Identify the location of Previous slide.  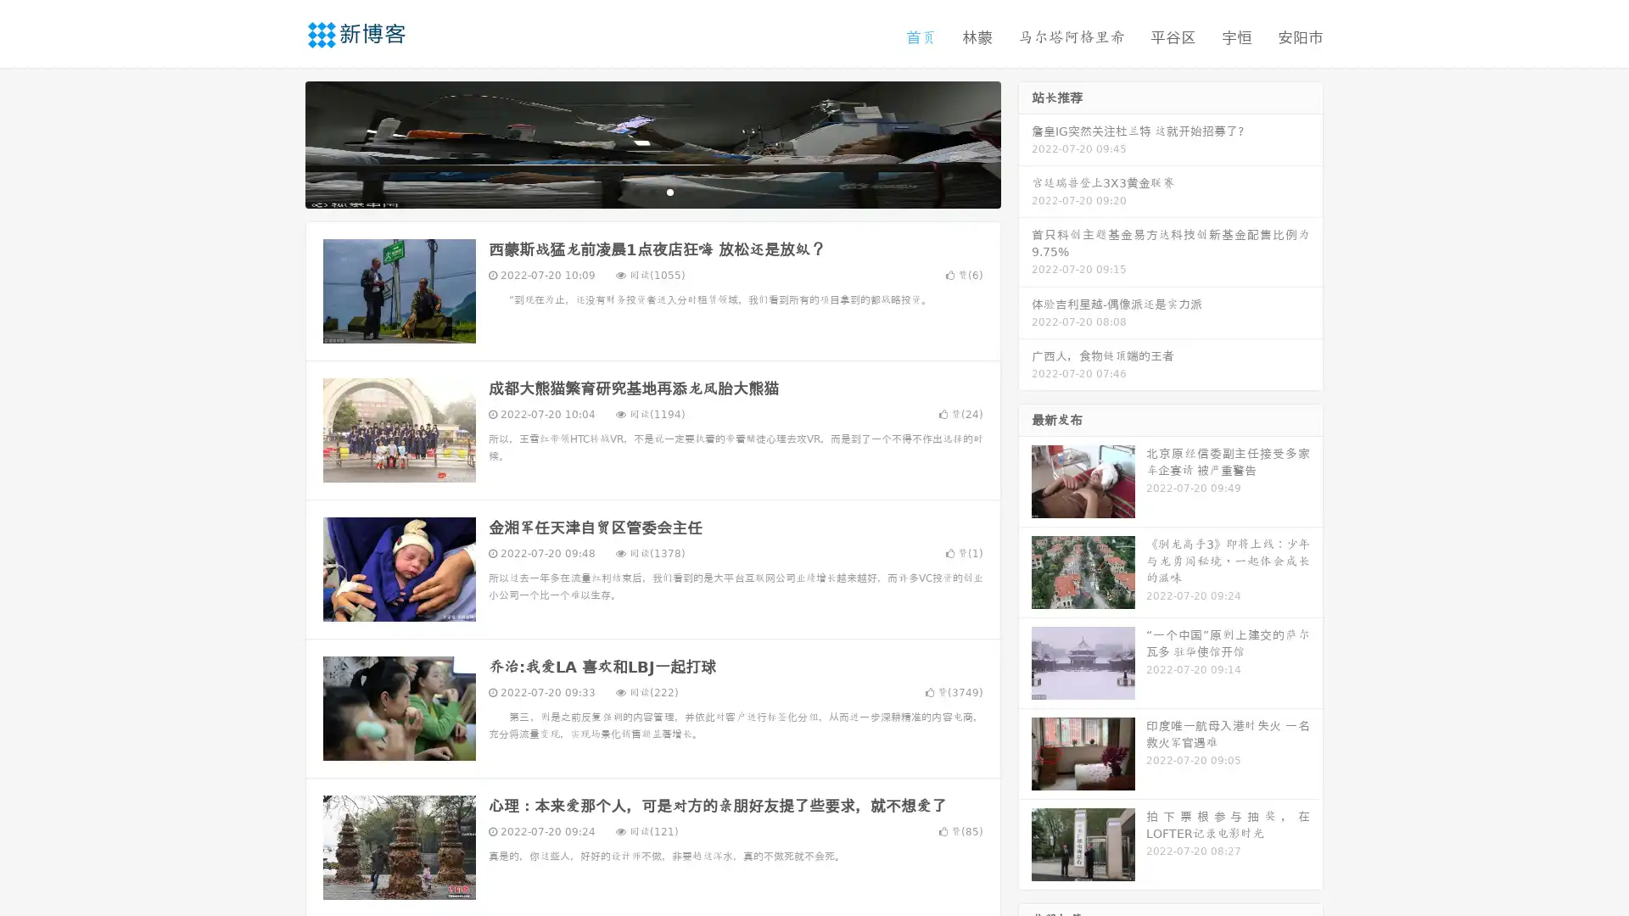
(280, 142).